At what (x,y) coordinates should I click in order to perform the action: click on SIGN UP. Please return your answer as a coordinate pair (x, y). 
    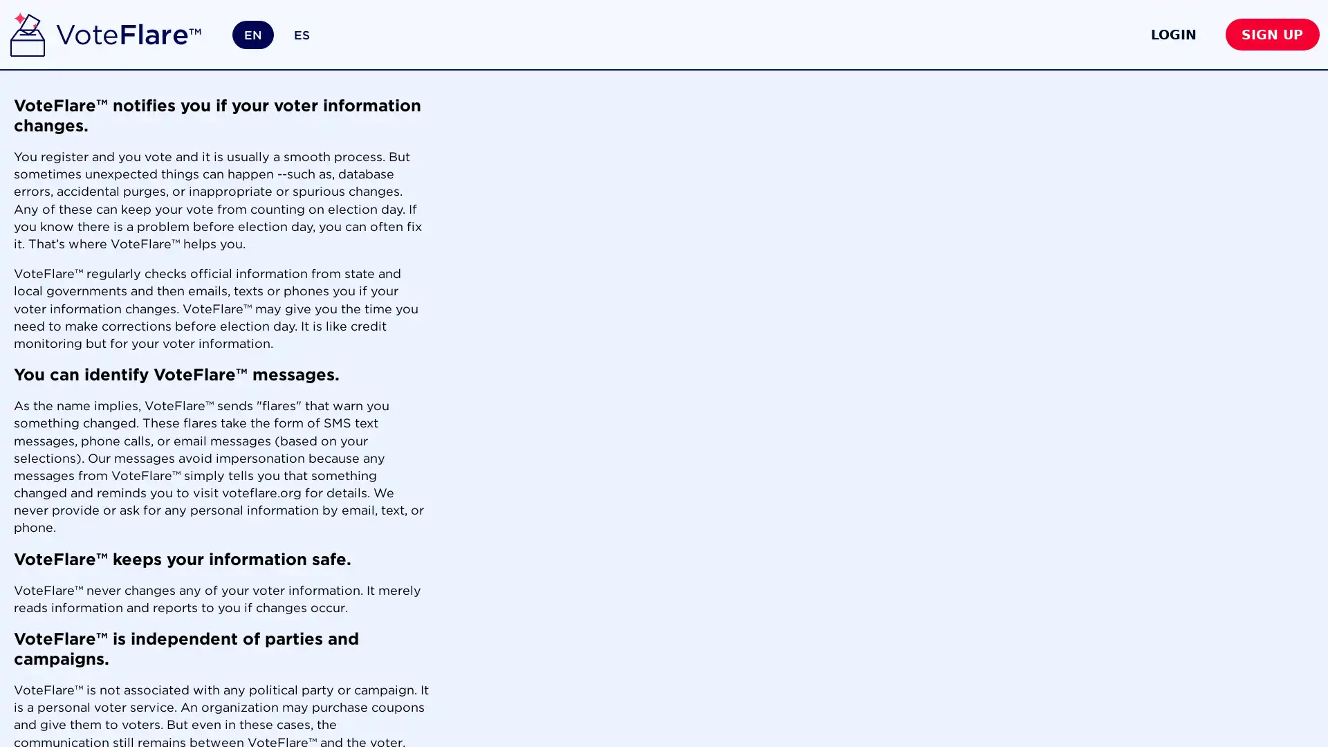
    Looking at the image, I should click on (1257, 33).